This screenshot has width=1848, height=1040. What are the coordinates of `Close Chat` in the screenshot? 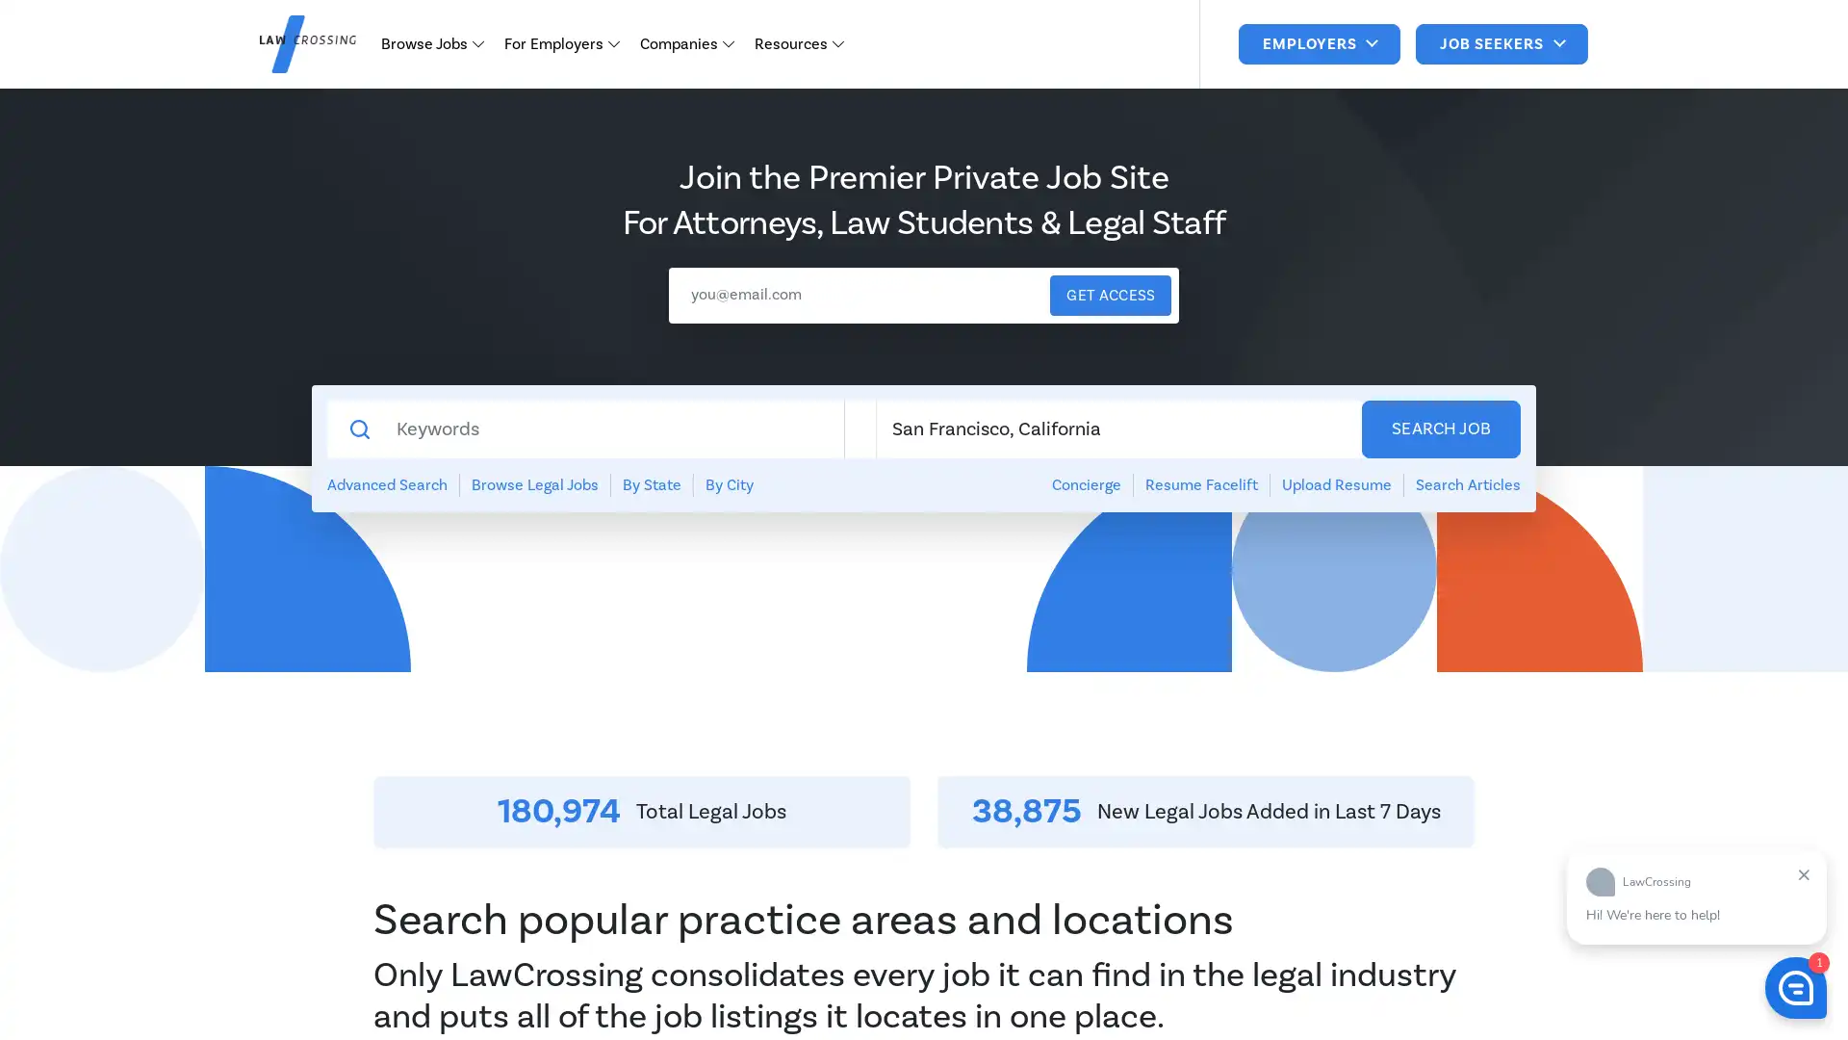 It's located at (1803, 873).